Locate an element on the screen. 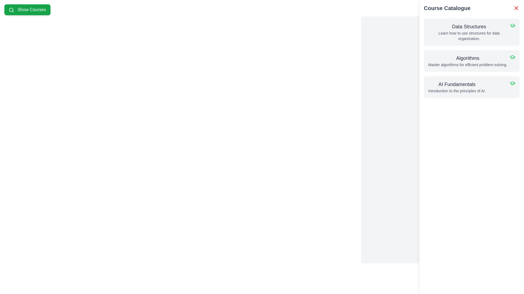  the green decorative SVG component representing a graduation cap, which is the topmost sub-component next to the 'Algorithms' course title is located at coordinates (512, 25).